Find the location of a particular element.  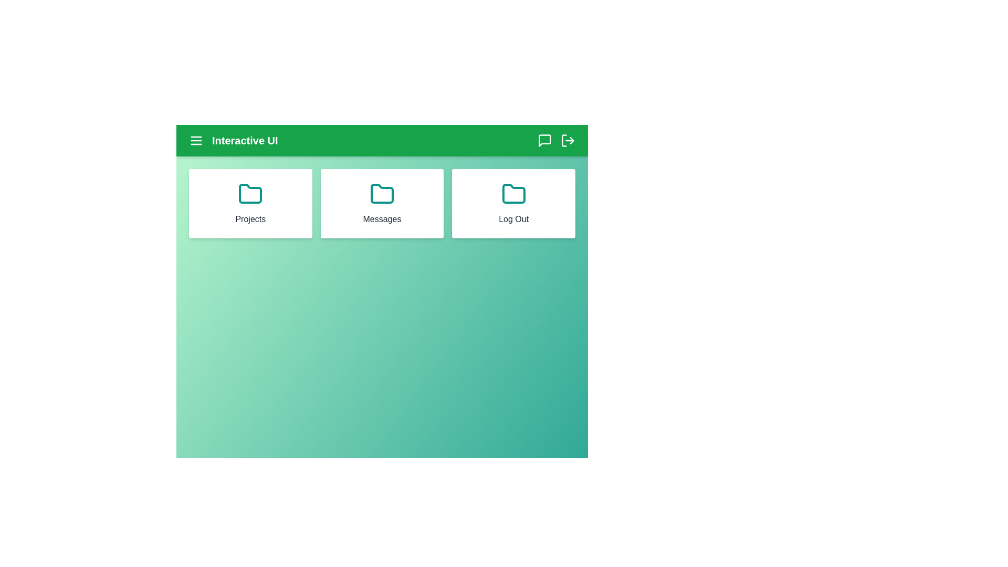

the Messages card to navigate to its respective section is located at coordinates (382, 204).